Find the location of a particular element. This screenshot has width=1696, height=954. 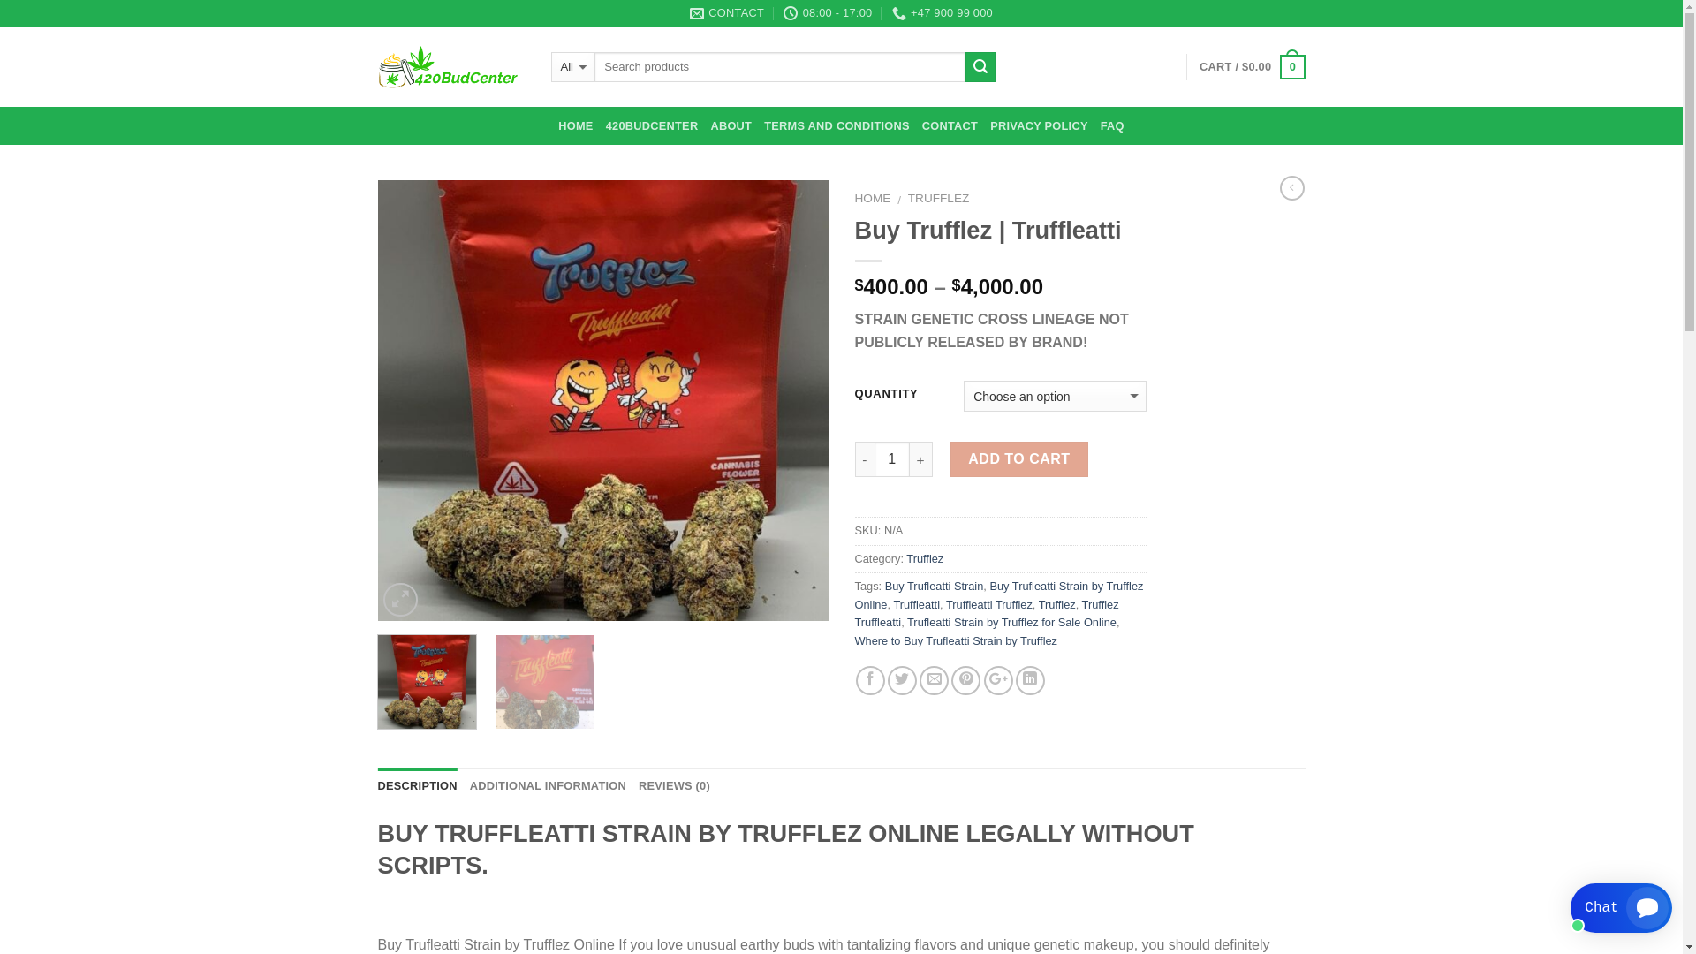

'Smartsupp widget button' is located at coordinates (1621, 908).